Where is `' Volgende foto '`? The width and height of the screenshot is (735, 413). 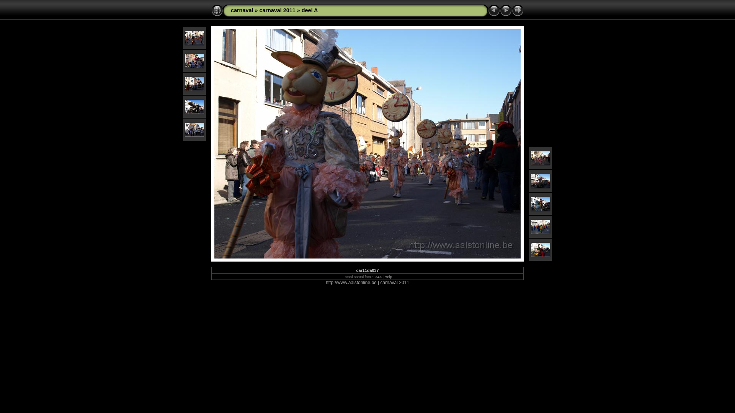
' Volgende foto ' is located at coordinates (506, 10).